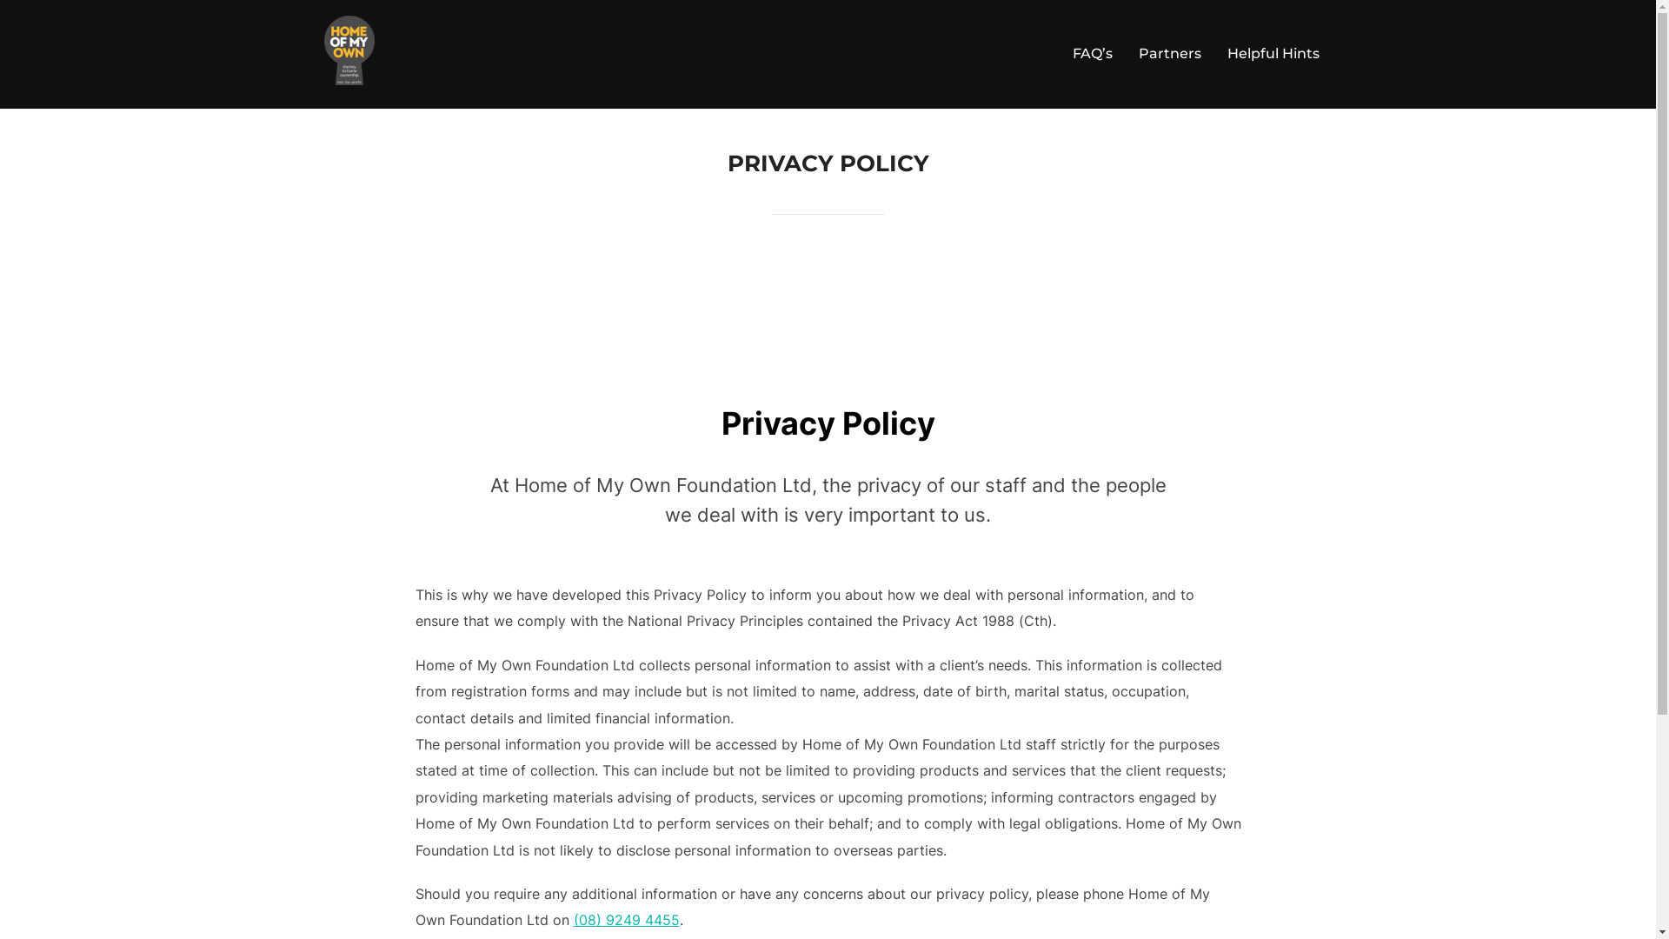 This screenshot has width=1669, height=939. Describe the element at coordinates (626, 918) in the screenshot. I see `'(08) 9249 4455'` at that location.